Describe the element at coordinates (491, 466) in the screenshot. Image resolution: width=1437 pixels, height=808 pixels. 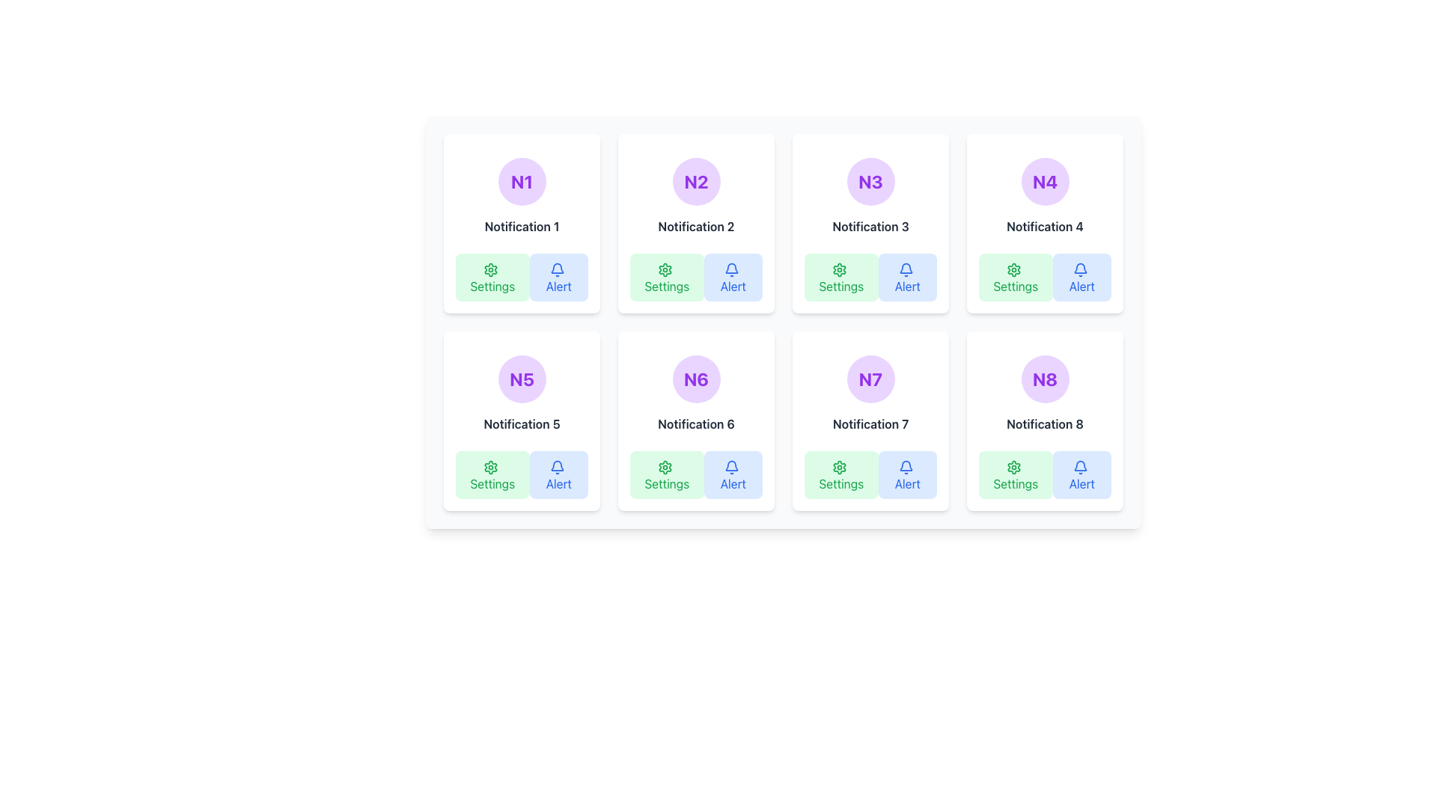
I see `the settings icon for the notification card labeled 'Notification 5', which is located in the bottom-left corner of the second row, above the 'Settings' label and next to the 'Alert' icon` at that location.